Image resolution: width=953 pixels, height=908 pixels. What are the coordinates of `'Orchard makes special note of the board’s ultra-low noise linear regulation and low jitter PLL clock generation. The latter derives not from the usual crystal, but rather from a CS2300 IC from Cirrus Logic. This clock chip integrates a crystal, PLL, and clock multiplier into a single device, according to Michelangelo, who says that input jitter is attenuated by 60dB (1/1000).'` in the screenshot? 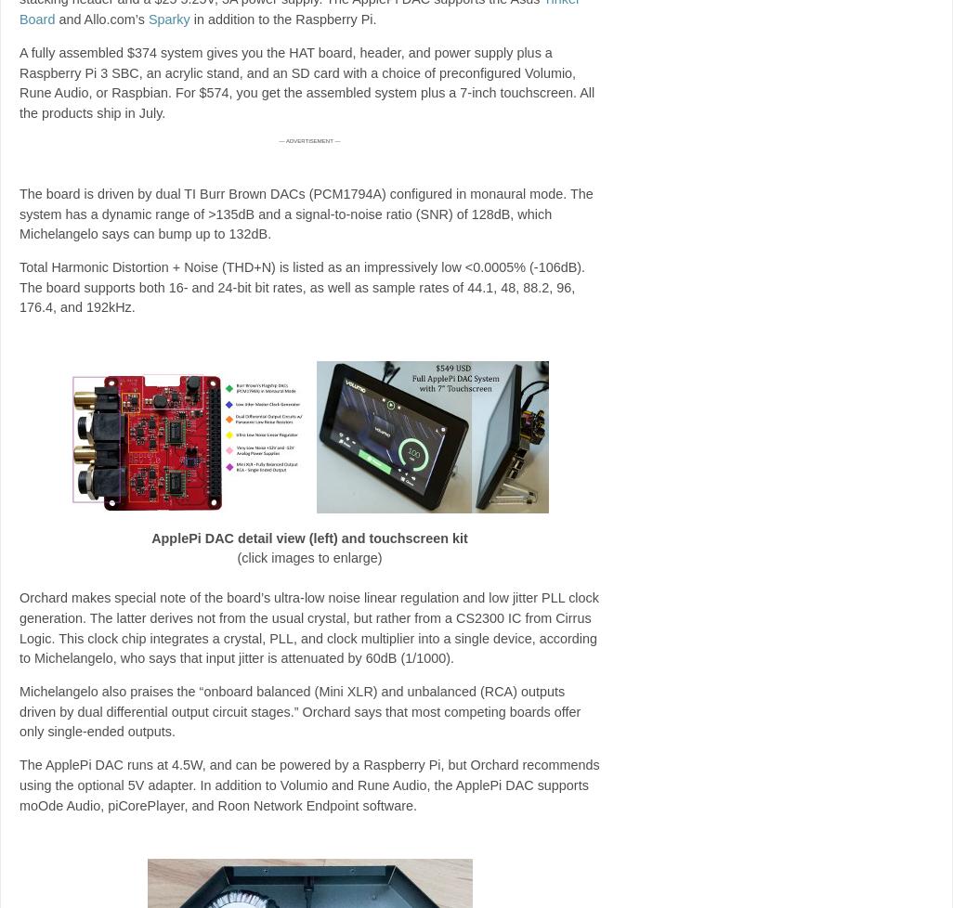 It's located at (308, 628).